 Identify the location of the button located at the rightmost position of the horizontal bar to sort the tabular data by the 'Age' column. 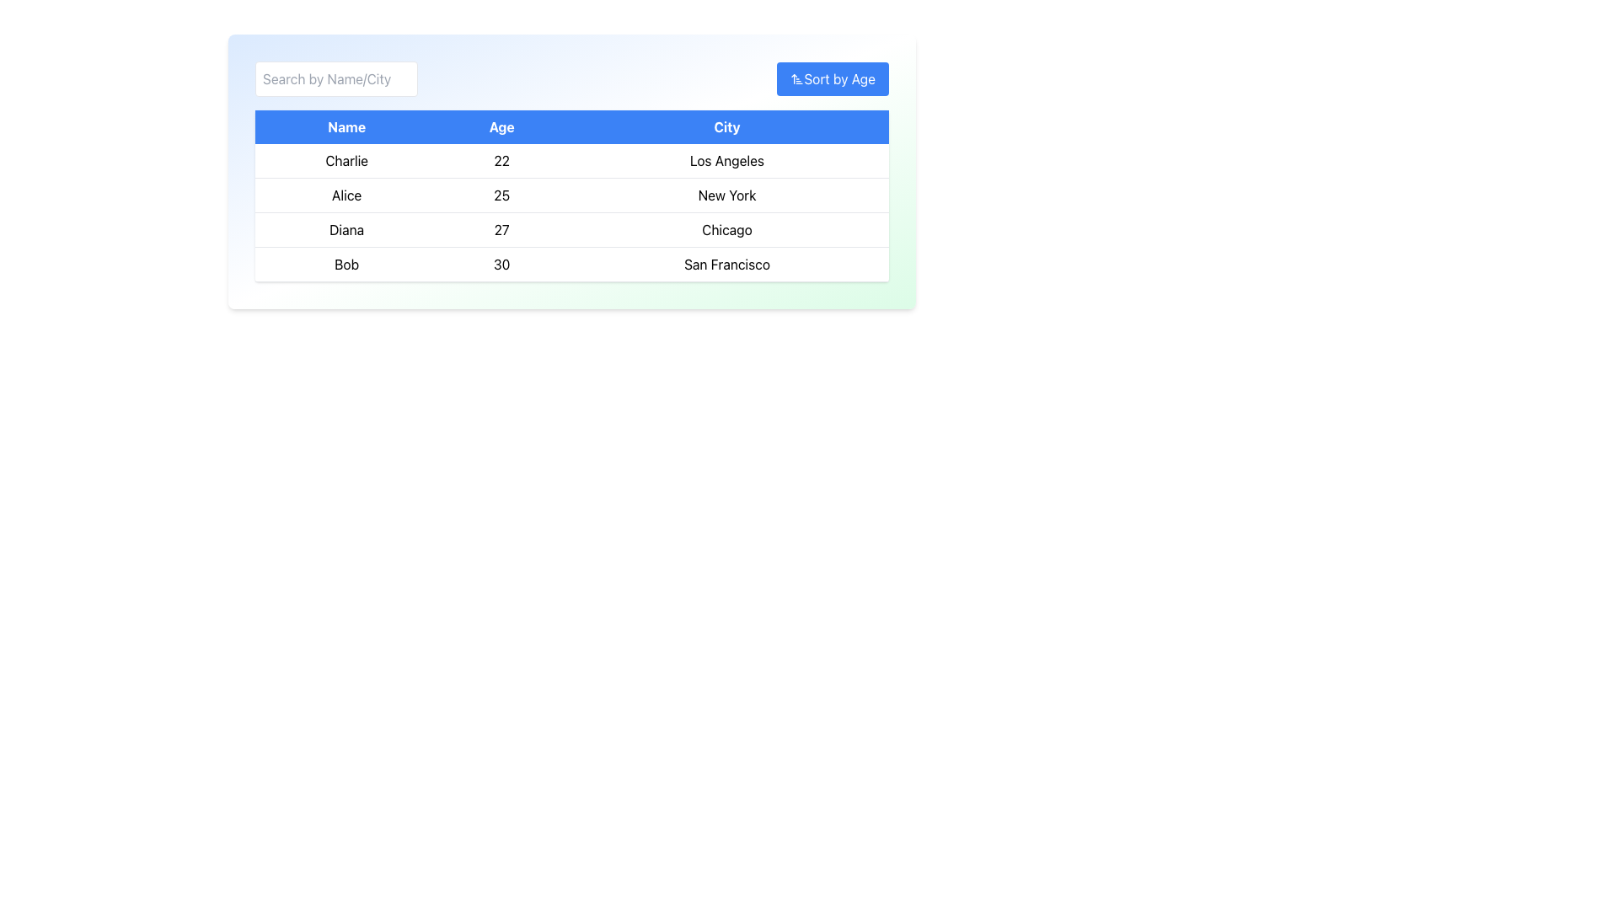
(833, 78).